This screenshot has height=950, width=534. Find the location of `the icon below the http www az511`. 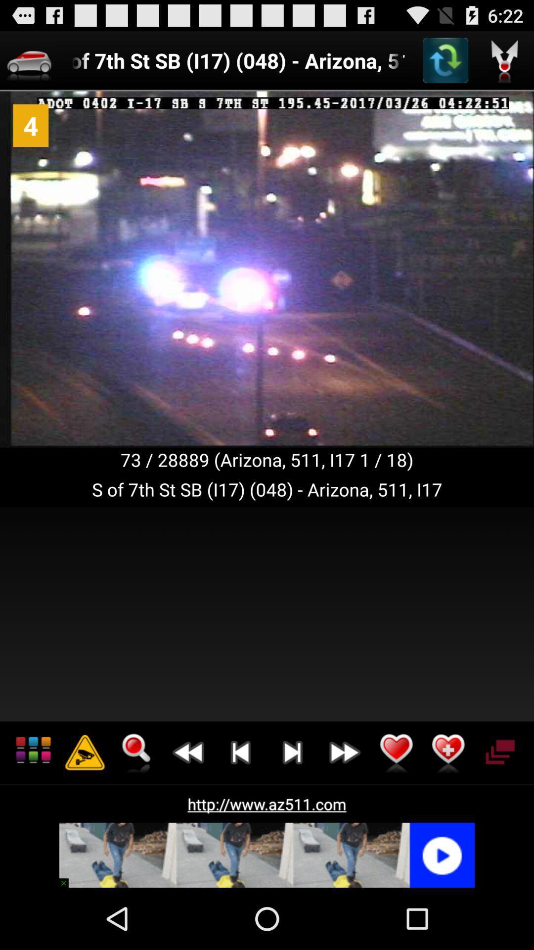

the icon below the http www az511 is located at coordinates (267, 855).